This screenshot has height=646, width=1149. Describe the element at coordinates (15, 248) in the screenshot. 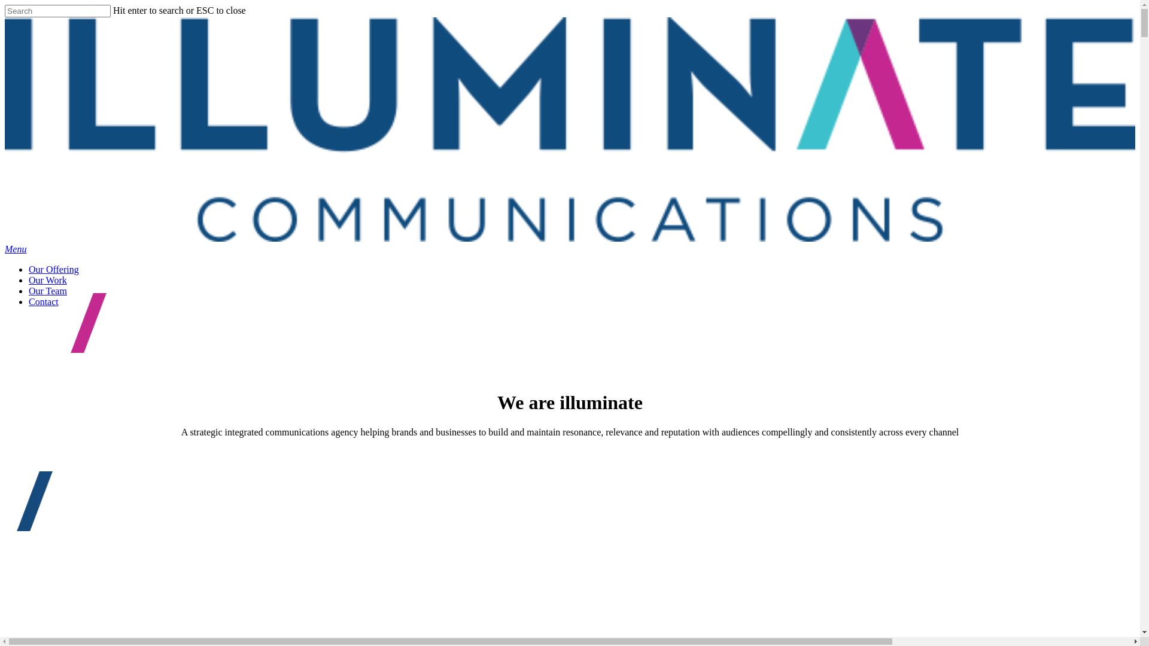

I see `'Menu'` at that location.